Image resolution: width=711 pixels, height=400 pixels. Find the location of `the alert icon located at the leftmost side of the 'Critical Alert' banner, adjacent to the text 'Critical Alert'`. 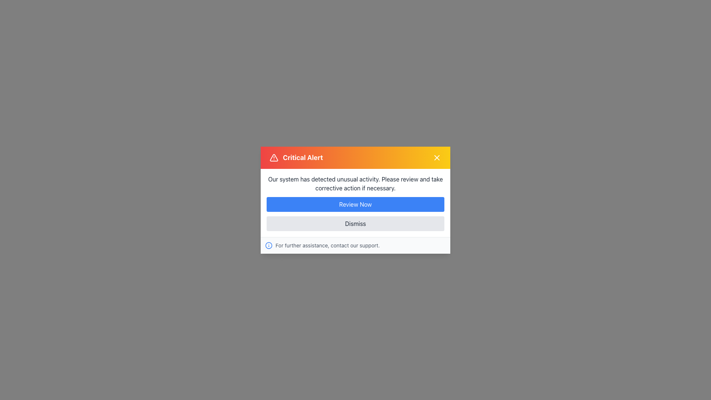

the alert icon located at the leftmost side of the 'Critical Alert' banner, adjacent to the text 'Critical Alert' is located at coordinates (273, 157).